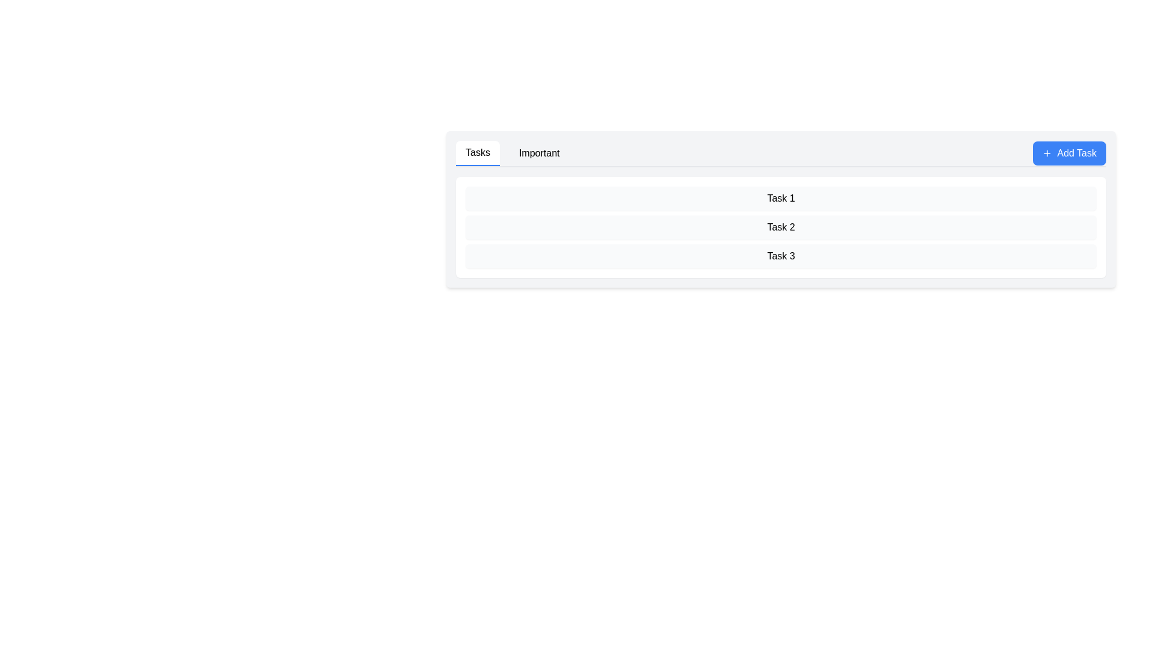  What do you see at coordinates (538, 152) in the screenshot?
I see `the 'Important' button, which is the second tab in a horizontal list of tabs with a bold, black font on a light gray background` at bounding box center [538, 152].